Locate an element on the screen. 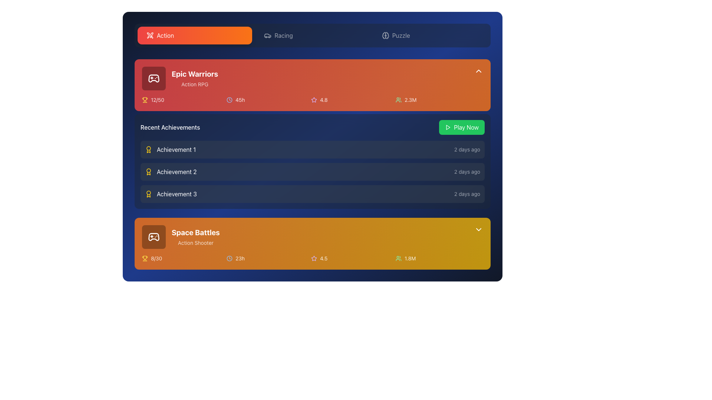 The image size is (712, 400). the game controller icon located in the Space Battles section, which is presented against a semi-transparent black background and features clean lines and a white color is located at coordinates (153, 237).